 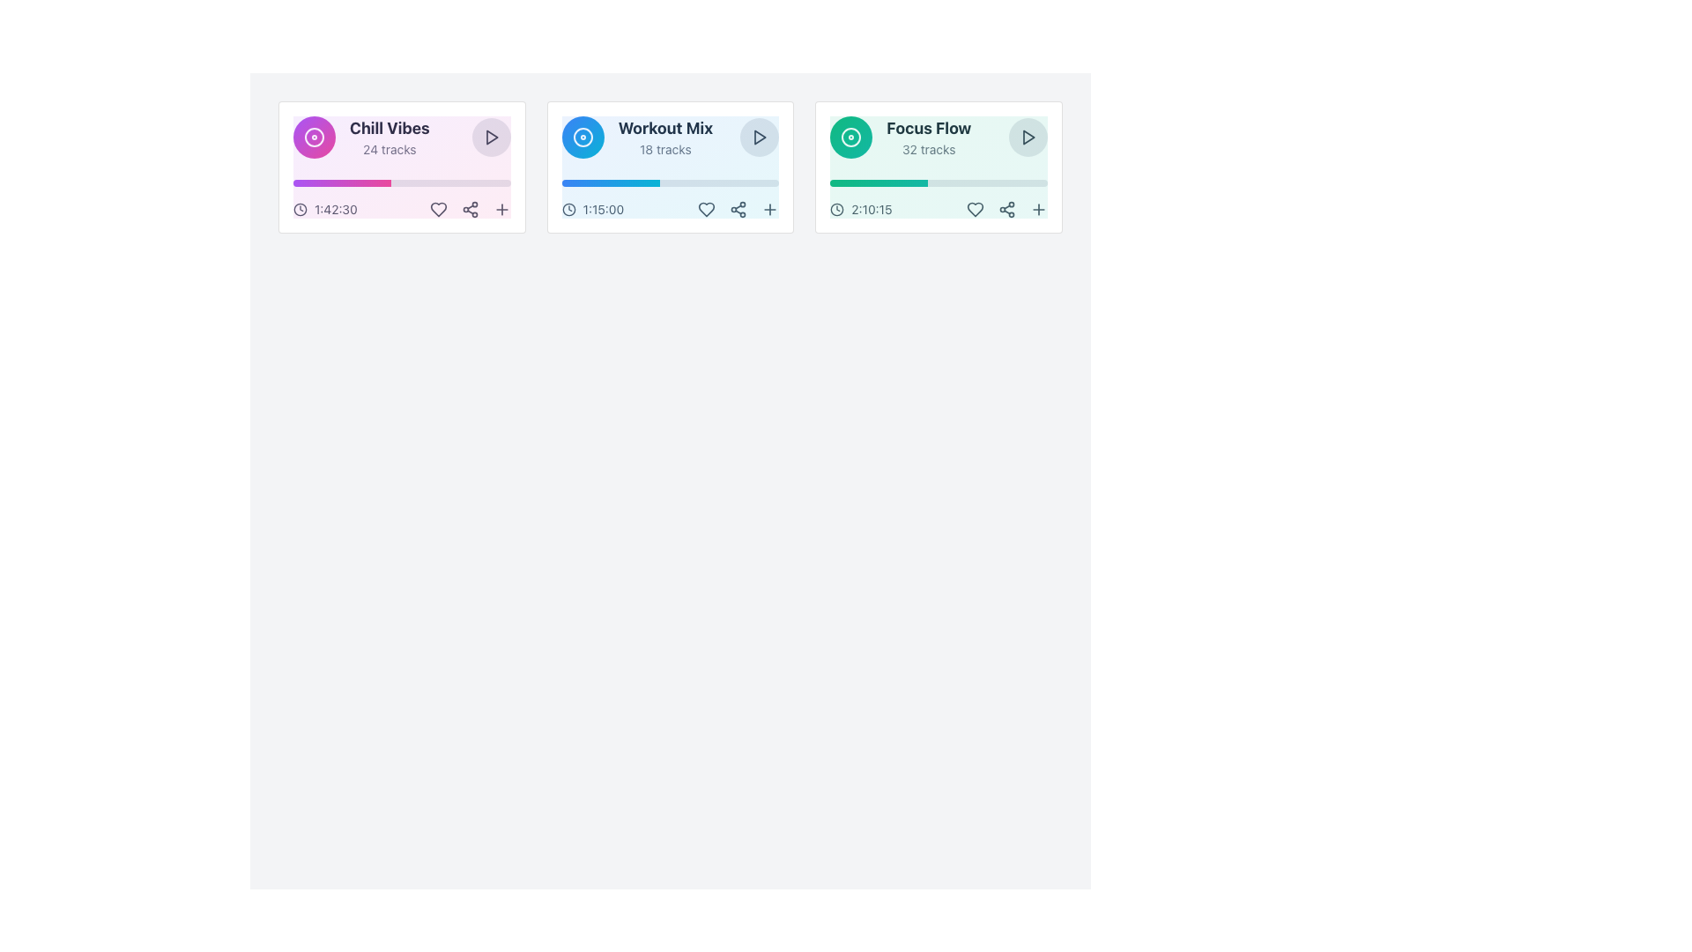 I want to click on the third item from the left in the horizontally aligned row, which features a rounded gradient-colored circle with a spinning icon and the bold text 'Focus Flow' along with the smaller text '32 tracks', so click(x=901, y=136).